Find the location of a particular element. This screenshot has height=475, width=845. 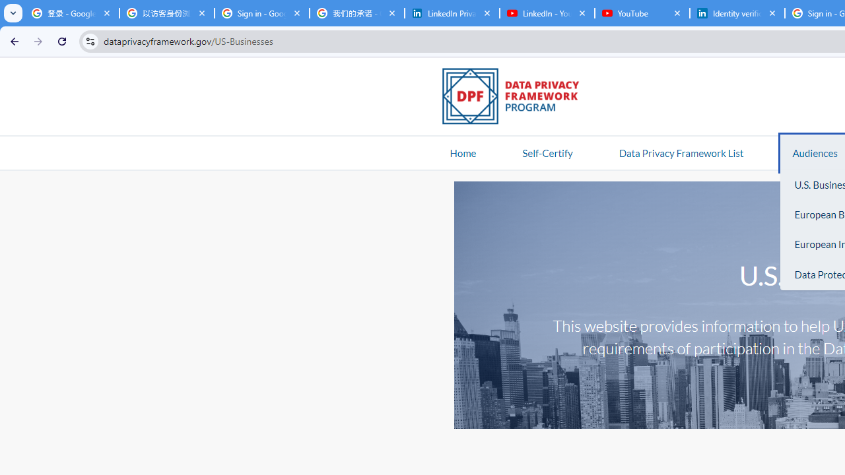

'LinkedIn - YouTube' is located at coordinates (547, 13).